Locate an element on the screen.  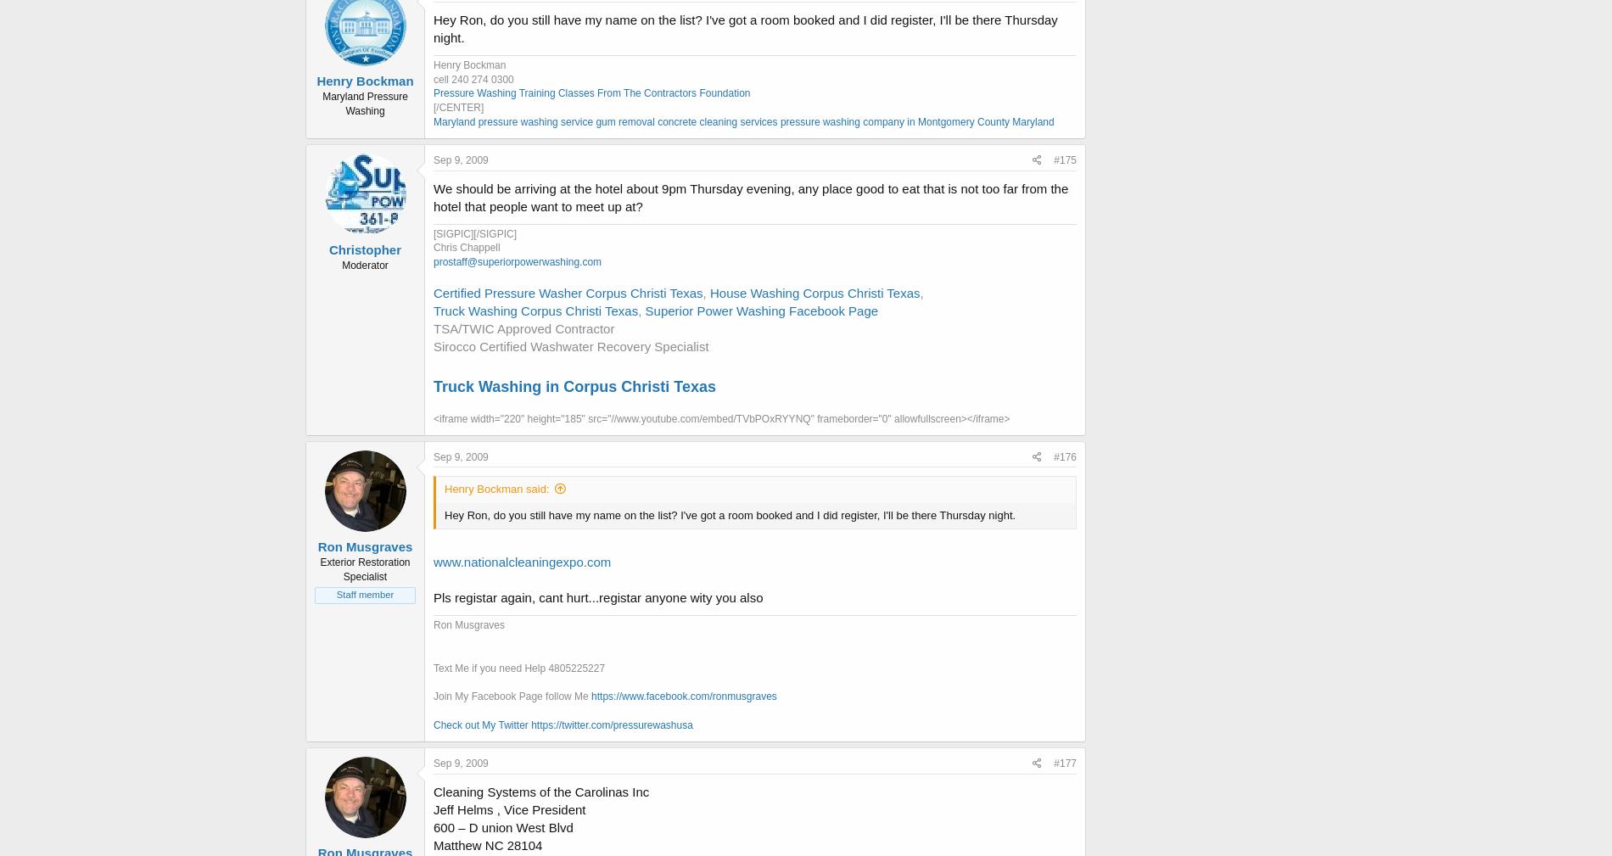
'<iframe width="220" height="185" src="//www.youtube.com/embed/TVbPOxRYYNQ" frameborder="0" allowfullscreen></iframe>' is located at coordinates (720, 417).